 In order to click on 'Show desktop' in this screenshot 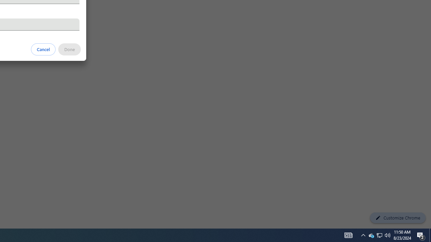, I will do `click(430, 235)`.